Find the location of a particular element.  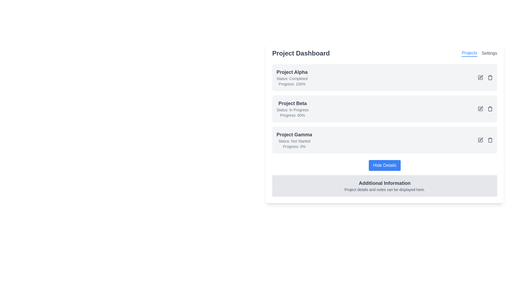

the Text label indicating the current status of the associated project in the 'Project Gamma' section of the 'Project Dashboard' is located at coordinates (294, 141).